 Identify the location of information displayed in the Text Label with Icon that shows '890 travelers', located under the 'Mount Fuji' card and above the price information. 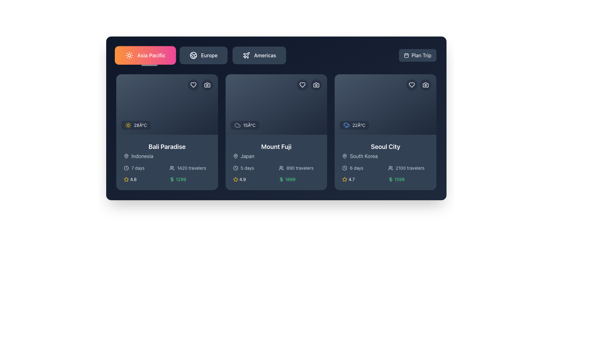
(299, 167).